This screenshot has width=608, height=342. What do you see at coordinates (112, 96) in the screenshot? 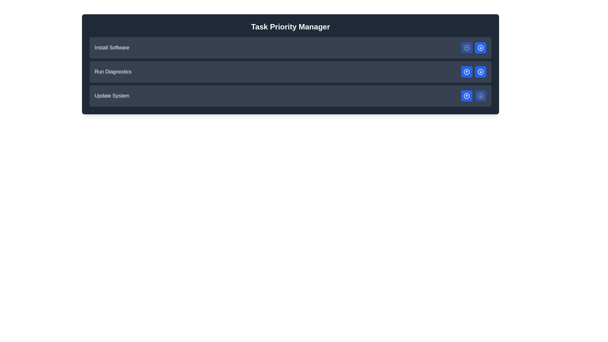
I see `the label indicating the option to update the system in the third row of the 'Task Priority Manager' list` at bounding box center [112, 96].